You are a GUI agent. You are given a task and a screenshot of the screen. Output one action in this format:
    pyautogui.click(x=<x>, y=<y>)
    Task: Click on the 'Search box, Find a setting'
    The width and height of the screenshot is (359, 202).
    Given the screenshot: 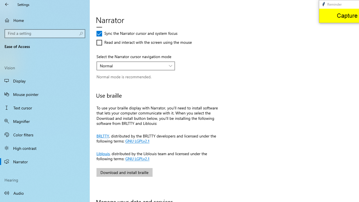 What is the action you would take?
    pyautogui.click(x=45, y=33)
    